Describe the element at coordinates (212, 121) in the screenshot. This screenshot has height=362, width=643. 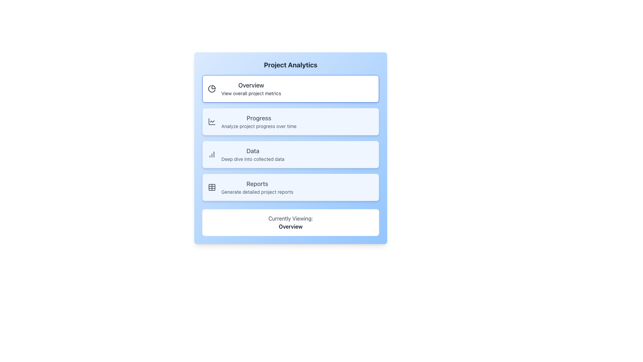
I see `the line chart icon located within the 'Progress' button, the second button in the vertical stack of navigation options` at that location.